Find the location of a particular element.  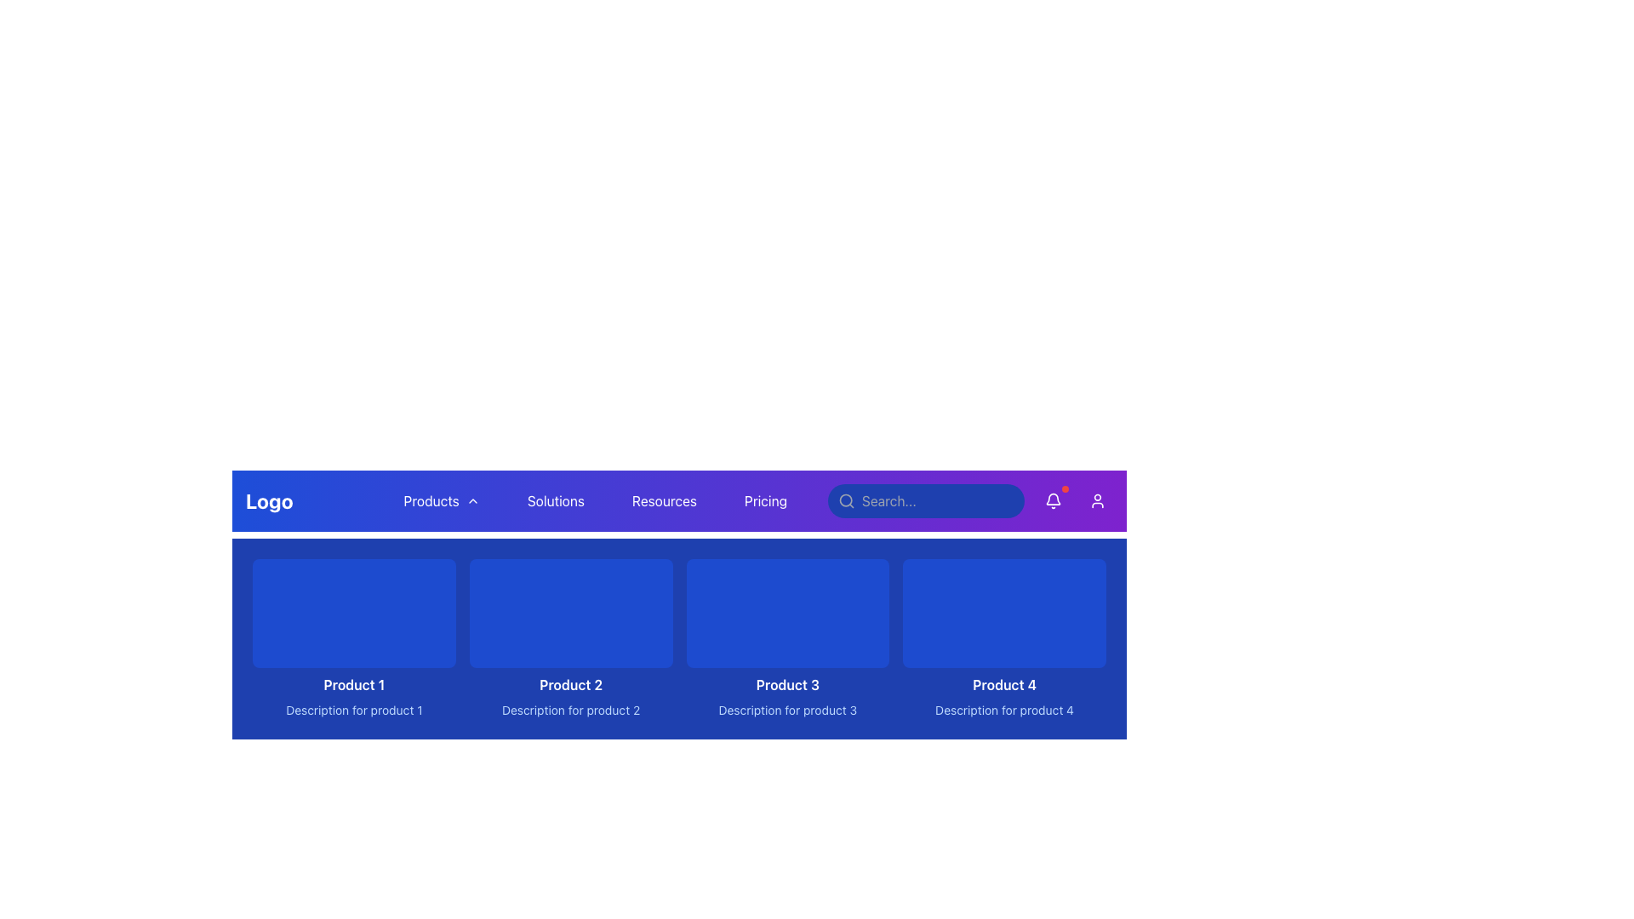

the bold text label displaying 'Product 3', which is centrally aligned in a card layout, positioned beneath a highlighted rectangle and above the description text is located at coordinates (786, 684).